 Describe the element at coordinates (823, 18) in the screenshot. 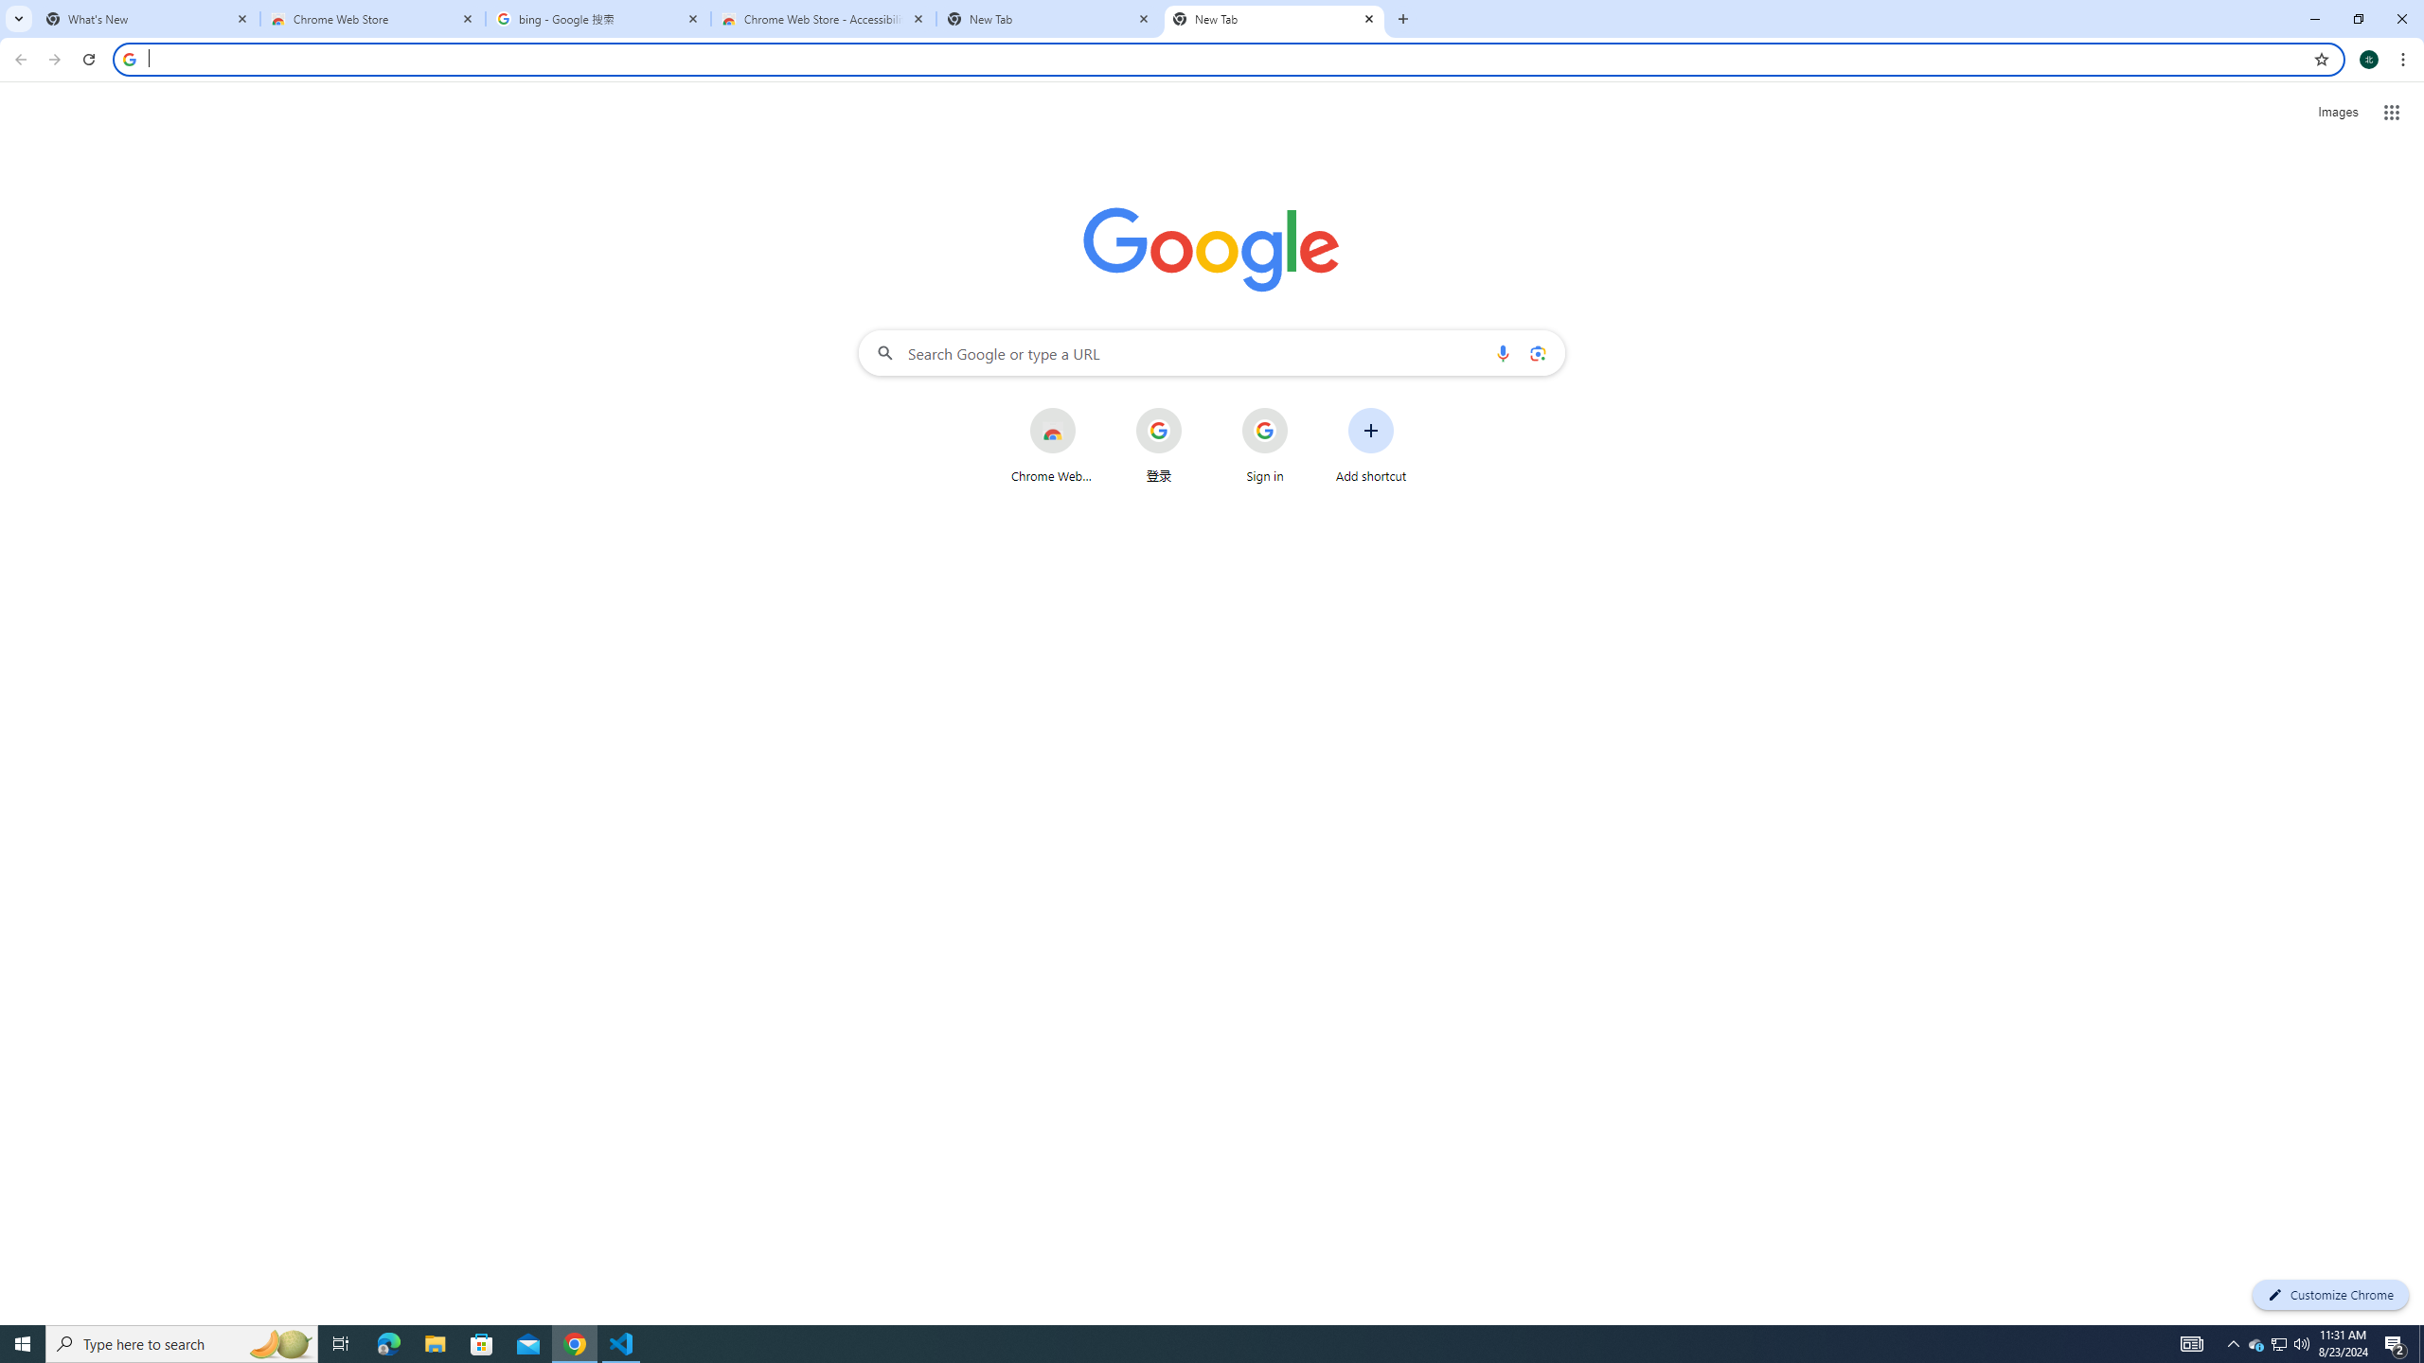

I see `'Chrome Web Store - Accessibility'` at that location.